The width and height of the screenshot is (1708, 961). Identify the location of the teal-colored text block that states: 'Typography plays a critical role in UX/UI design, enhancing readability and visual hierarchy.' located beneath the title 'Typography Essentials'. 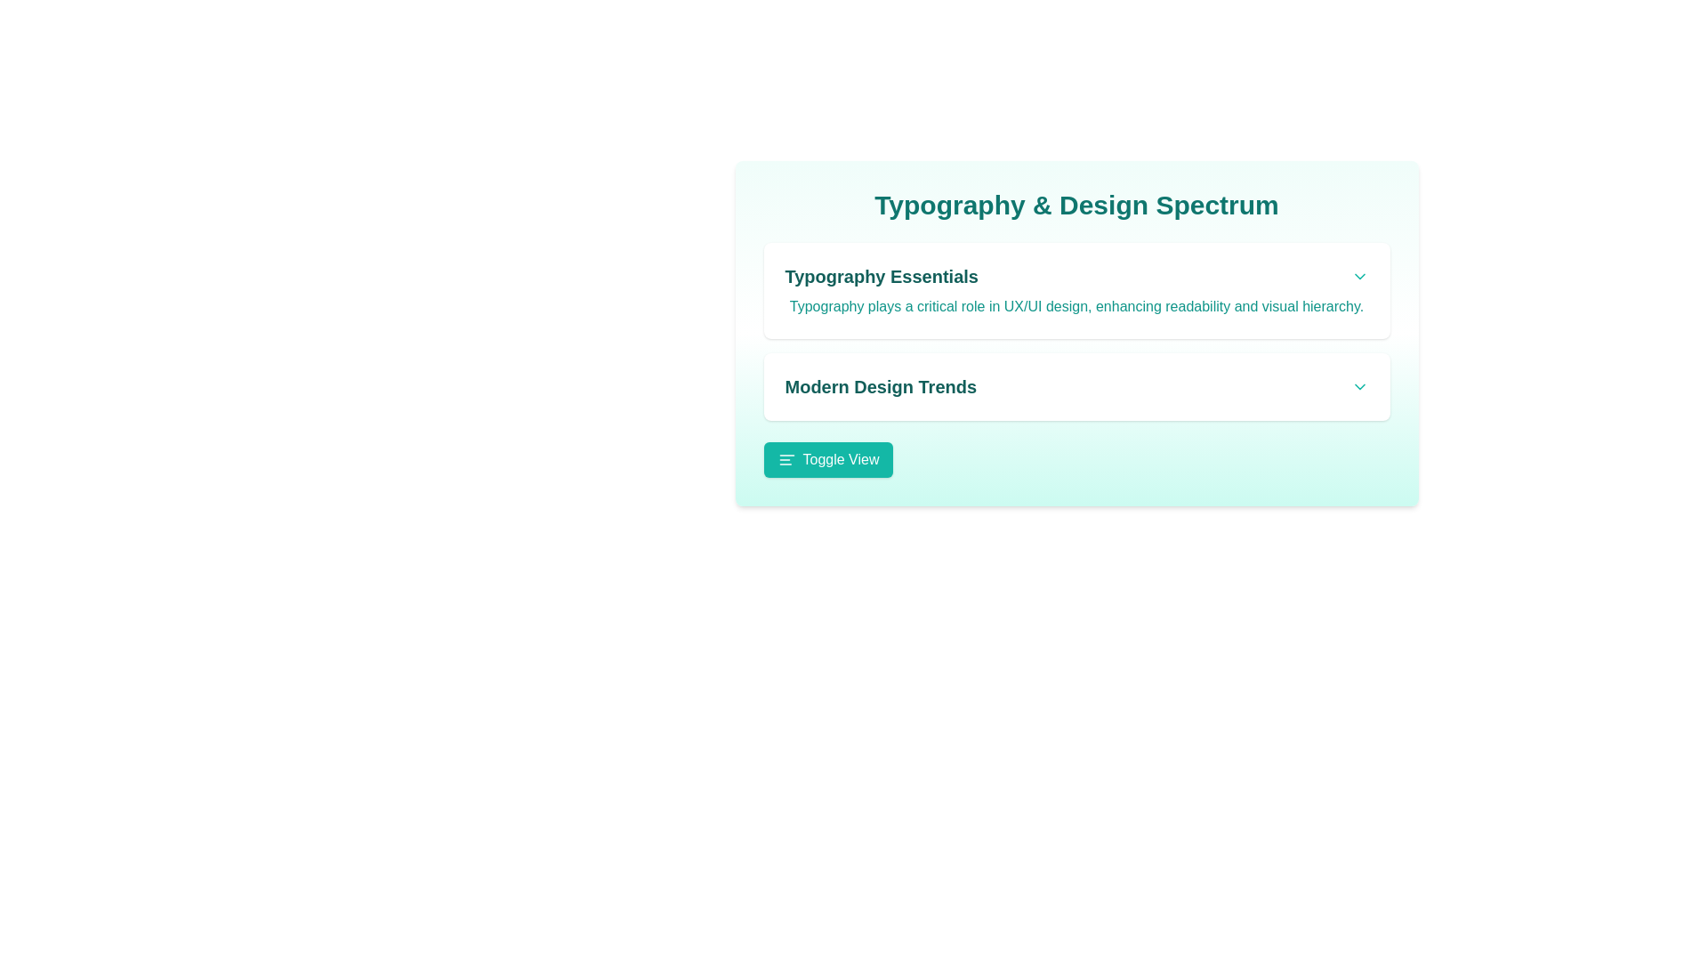
(1076, 305).